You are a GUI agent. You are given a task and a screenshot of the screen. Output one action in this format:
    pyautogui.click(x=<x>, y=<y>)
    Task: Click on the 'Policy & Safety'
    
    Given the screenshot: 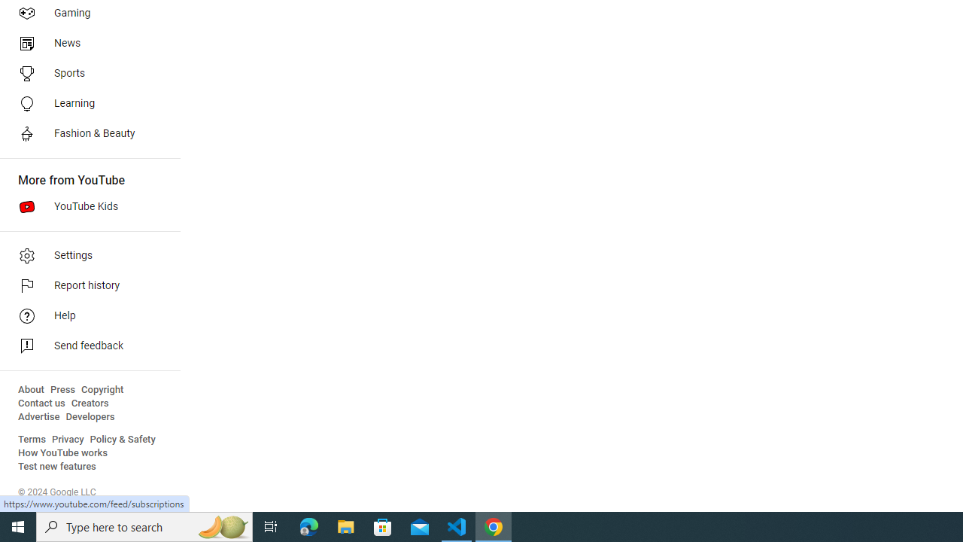 What is the action you would take?
    pyautogui.click(x=123, y=440)
    